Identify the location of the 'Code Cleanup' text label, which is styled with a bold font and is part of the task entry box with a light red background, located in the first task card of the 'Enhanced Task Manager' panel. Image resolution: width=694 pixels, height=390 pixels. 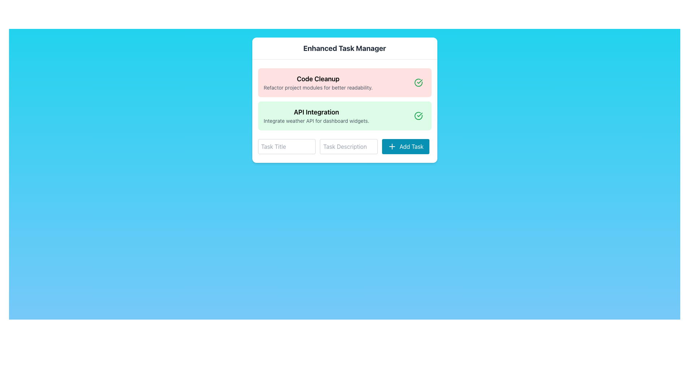
(318, 79).